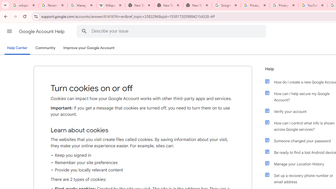 The image size is (336, 189). Describe the element at coordinates (313, 5) in the screenshot. I see `'YouTube'` at that location.